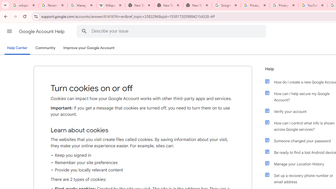 The image size is (336, 189). Describe the element at coordinates (313, 5) in the screenshot. I see `'YouTube'` at that location.